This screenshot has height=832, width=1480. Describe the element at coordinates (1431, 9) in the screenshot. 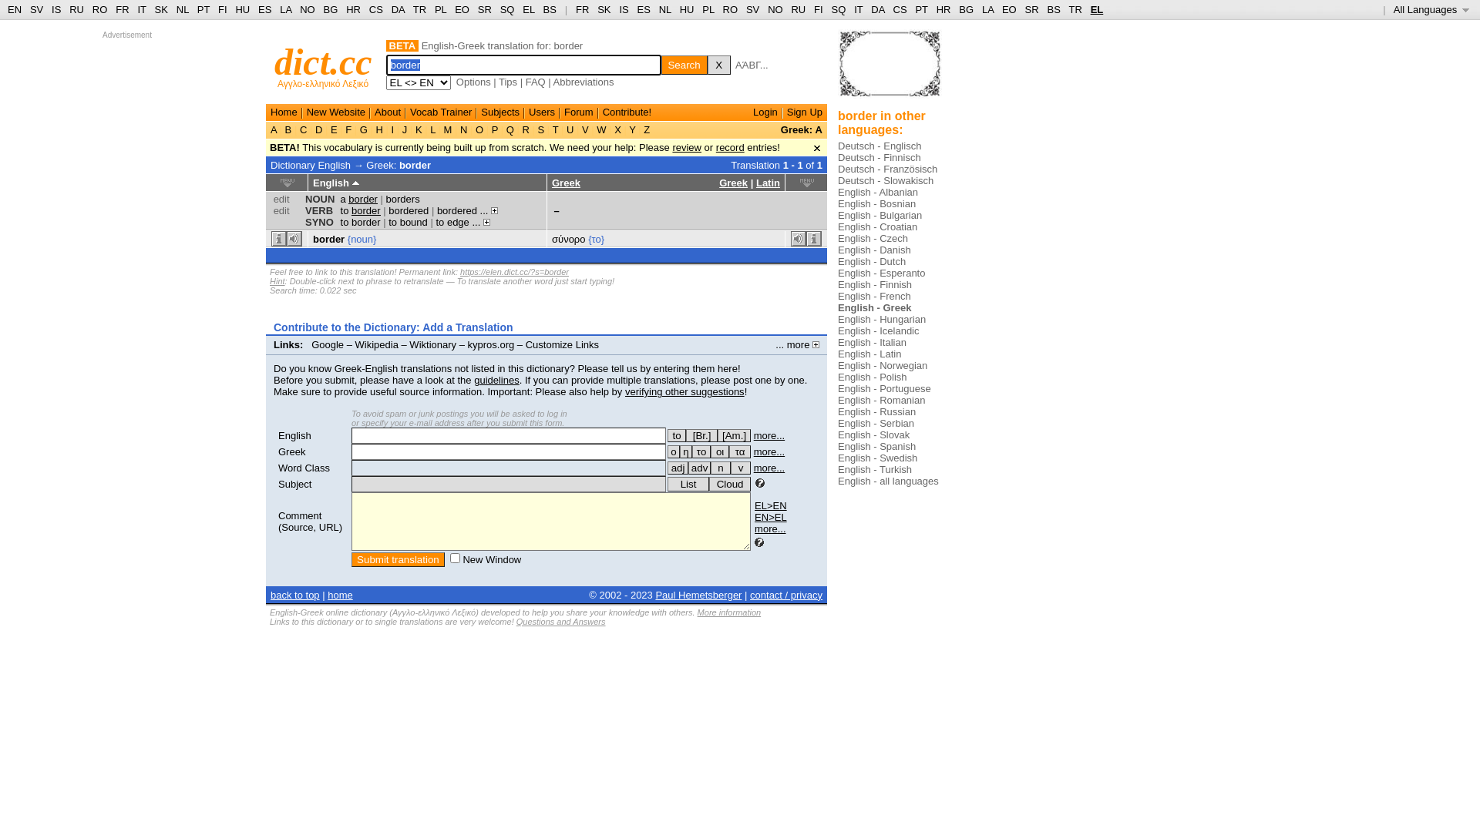

I see `'All Languages '` at that location.